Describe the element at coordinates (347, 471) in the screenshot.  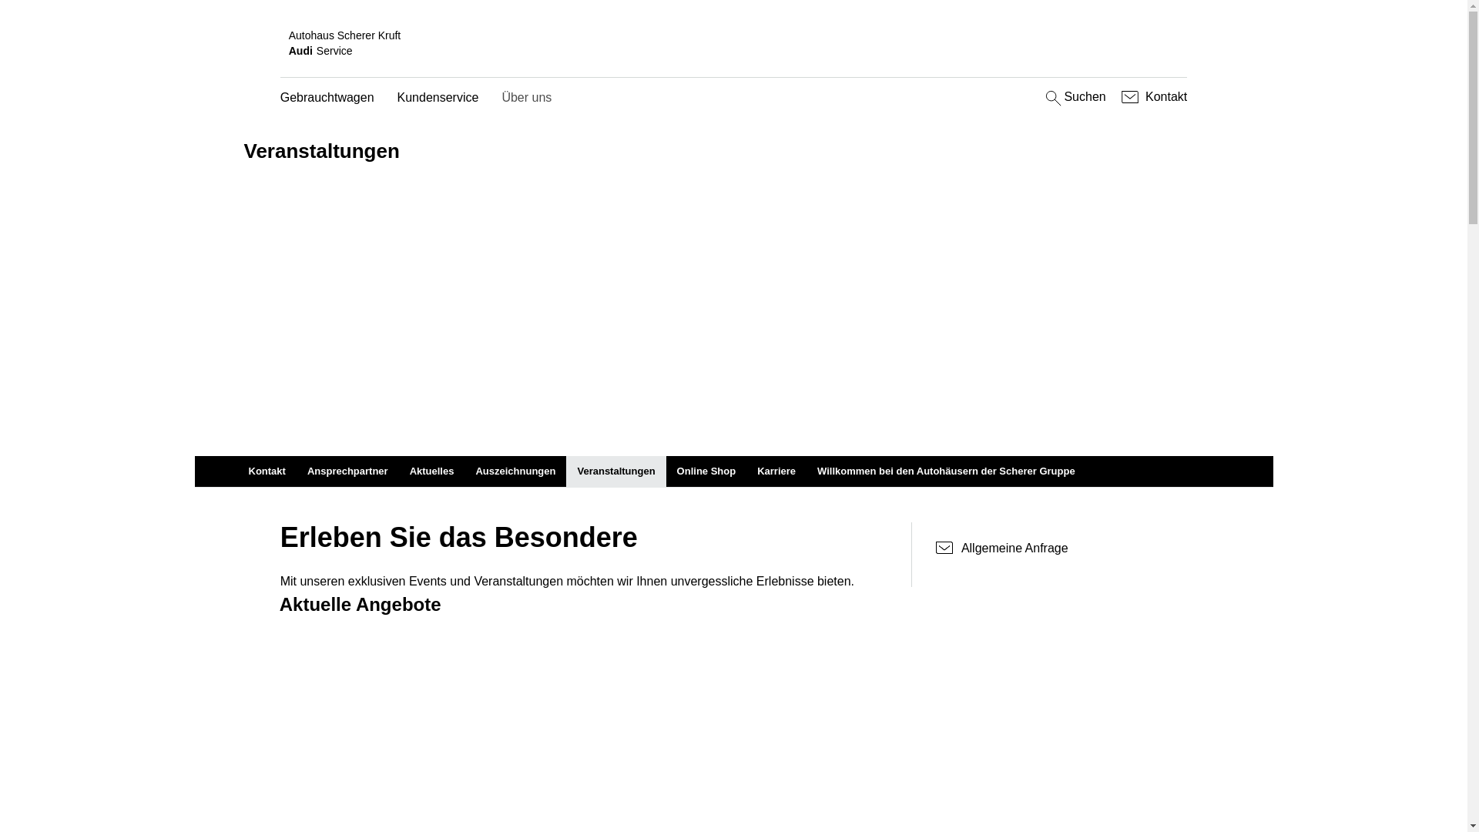
I see `'Ansprechpartner'` at that location.